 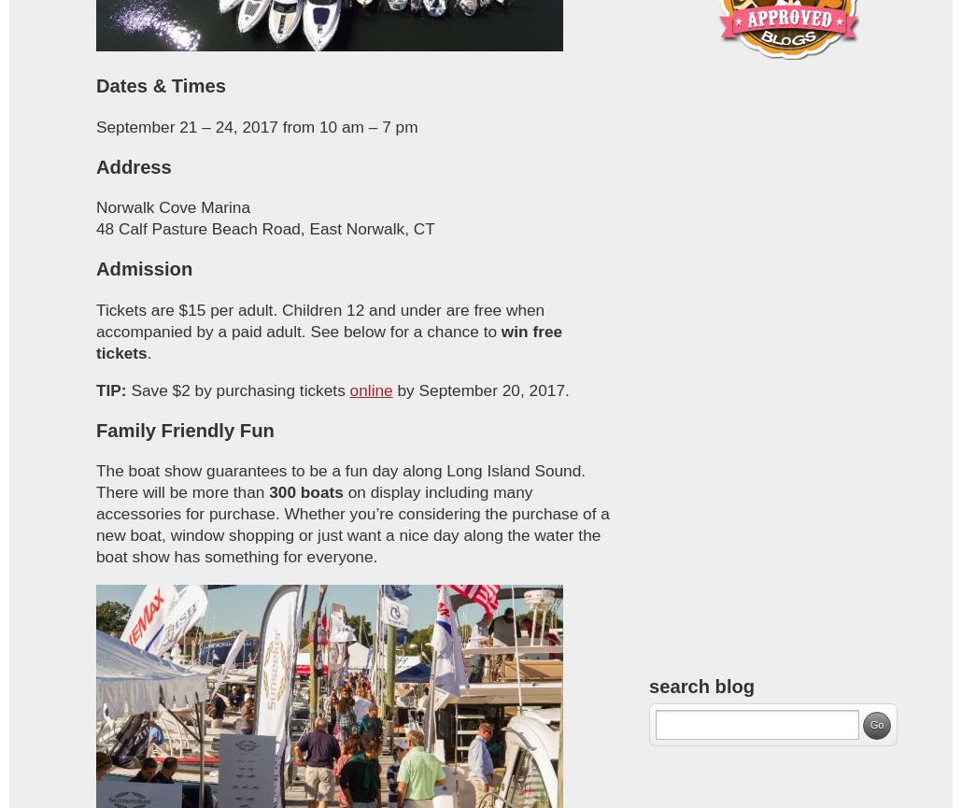 What do you see at coordinates (184, 429) in the screenshot?
I see `'Family Friendly Fun'` at bounding box center [184, 429].